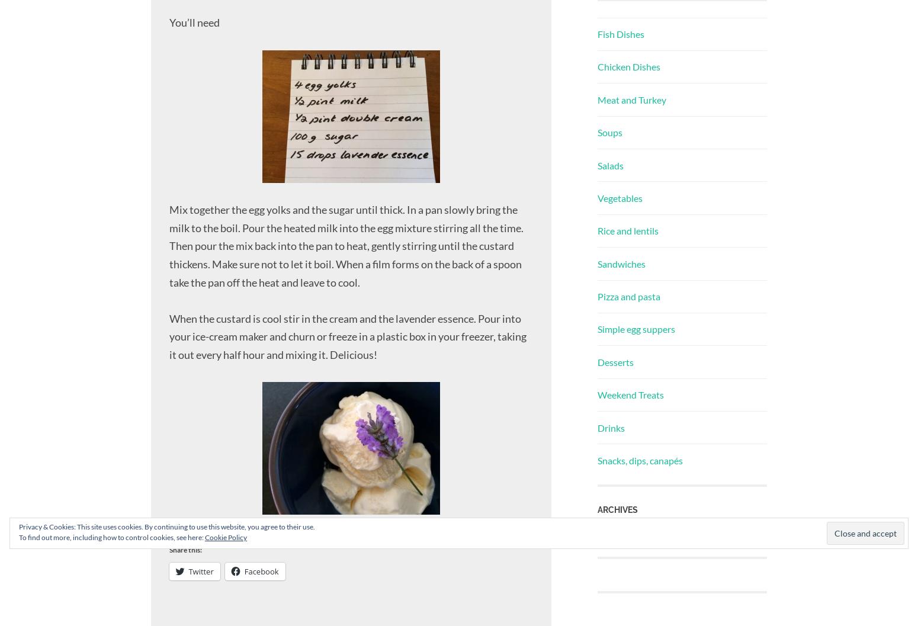 This screenshot has width=918, height=626. Describe the element at coordinates (111, 537) in the screenshot. I see `'To find out more, including how to control cookies, see here:'` at that location.